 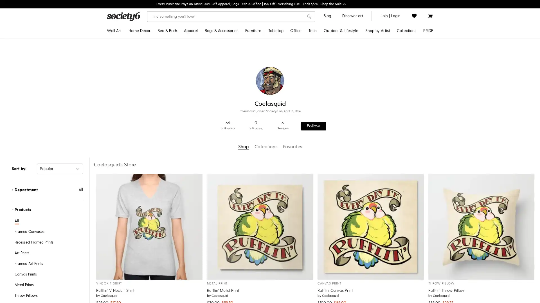 I want to click on Discover LGBTQIA+ Artists, so click(x=406, y=54).